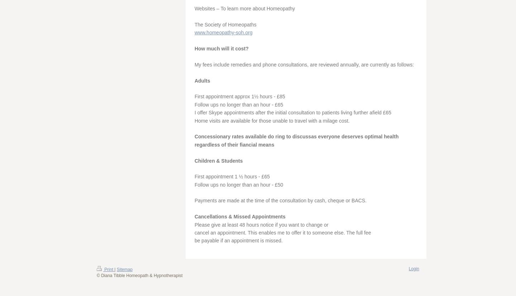 This screenshot has height=296, width=516. Describe the element at coordinates (194, 160) in the screenshot. I see `'Children & Students'` at that location.